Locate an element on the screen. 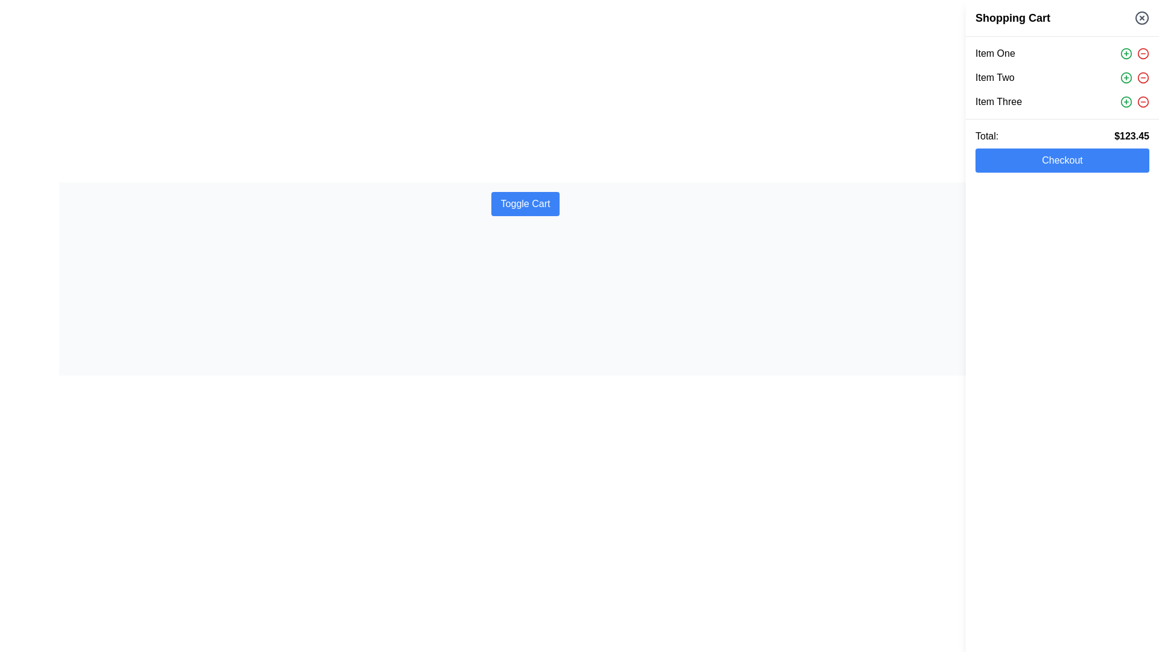  the blue 'Checkout' button with rounded corners located at the bottom-right of the 'Shopping Cart' panel is located at coordinates (1062, 160).